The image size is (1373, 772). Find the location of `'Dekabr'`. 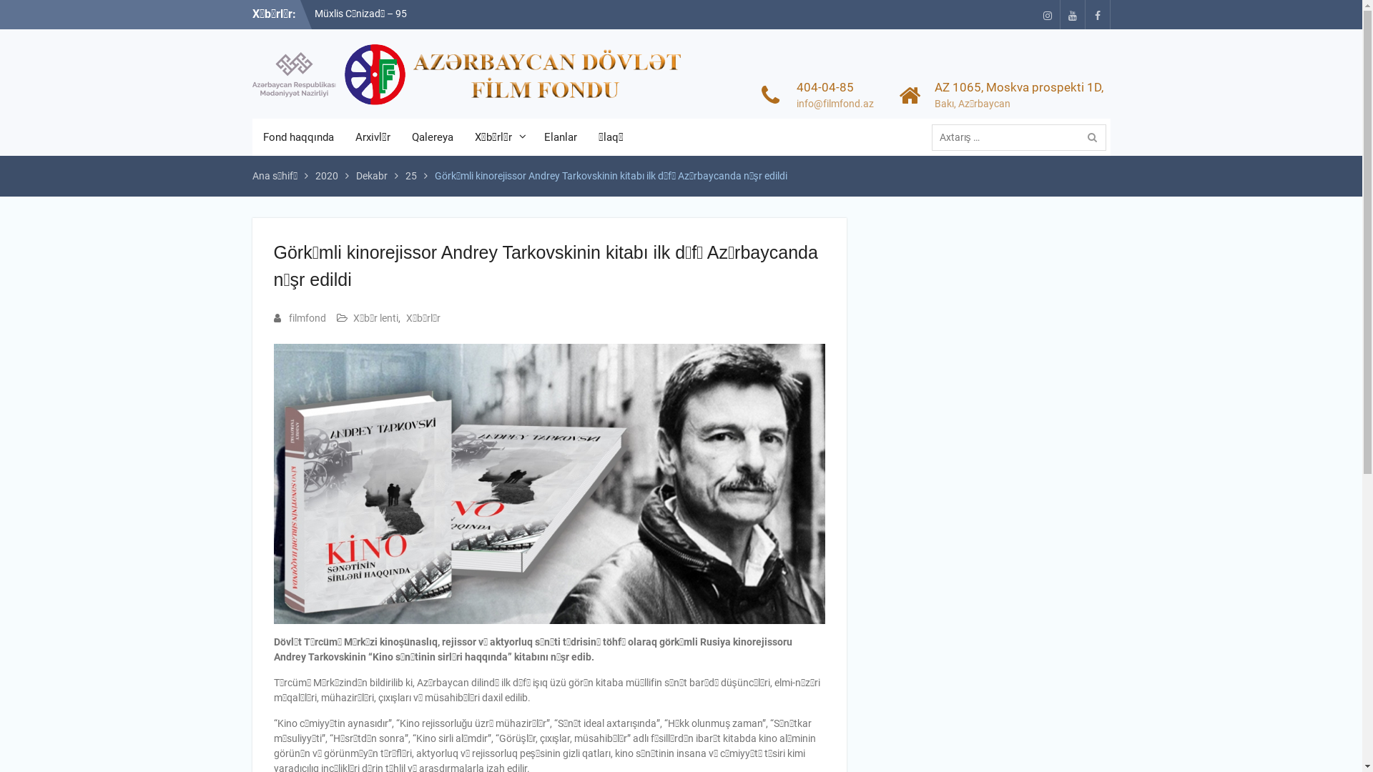

'Dekabr' is located at coordinates (371, 175).